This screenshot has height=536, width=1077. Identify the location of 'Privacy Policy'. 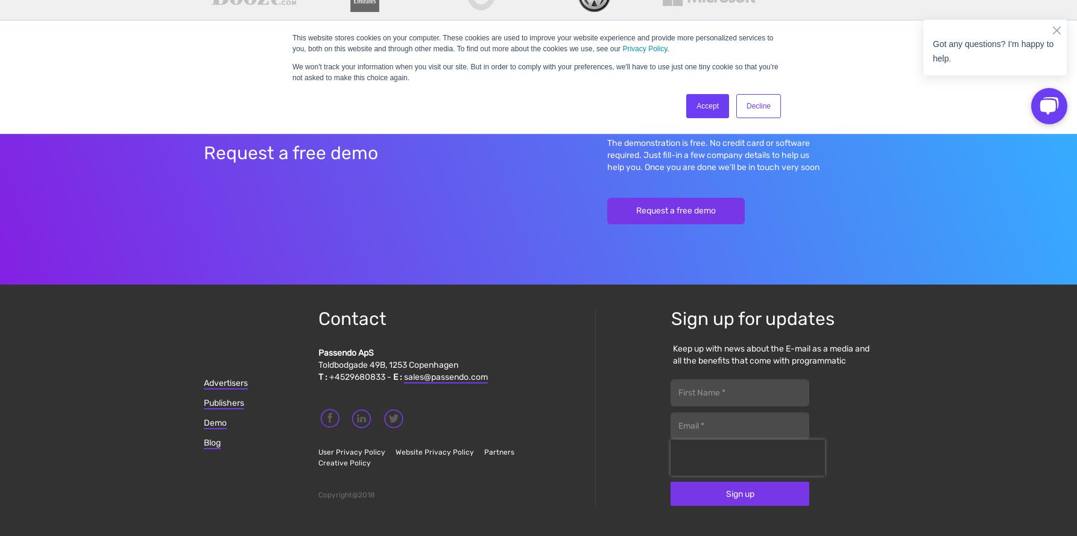
(622, 48).